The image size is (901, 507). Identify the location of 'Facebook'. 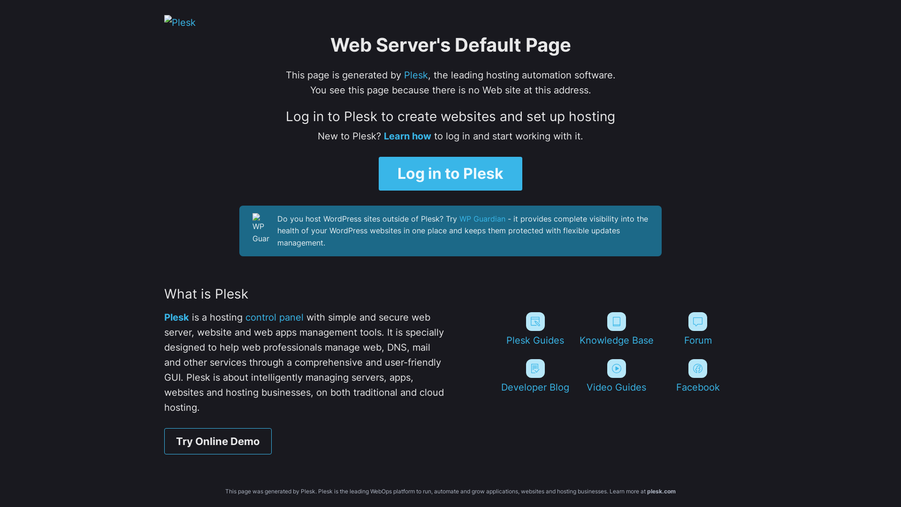
(659, 376).